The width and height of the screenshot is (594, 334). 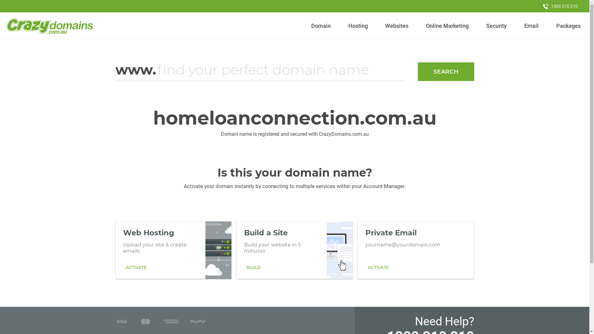 I want to click on 'Packages', so click(x=568, y=26).